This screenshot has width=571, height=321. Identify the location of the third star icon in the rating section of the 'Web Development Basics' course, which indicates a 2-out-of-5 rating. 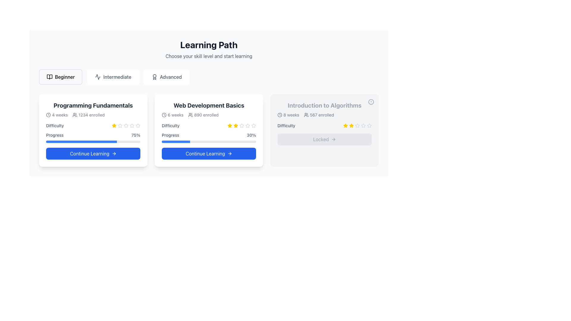
(235, 125).